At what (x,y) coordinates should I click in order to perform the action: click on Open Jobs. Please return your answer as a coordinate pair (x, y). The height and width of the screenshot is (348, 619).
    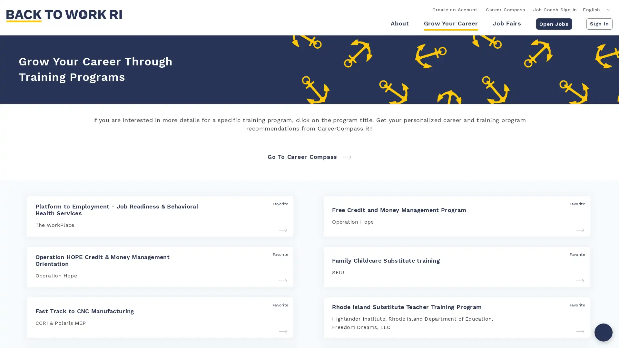
    Looking at the image, I should click on (553, 23).